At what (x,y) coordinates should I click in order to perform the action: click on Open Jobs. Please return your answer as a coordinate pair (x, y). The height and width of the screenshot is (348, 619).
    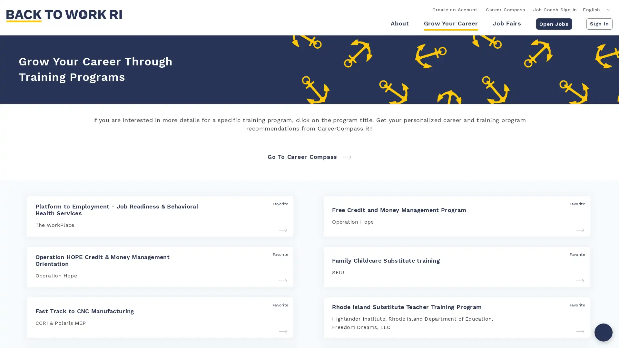
    Looking at the image, I should click on (553, 23).